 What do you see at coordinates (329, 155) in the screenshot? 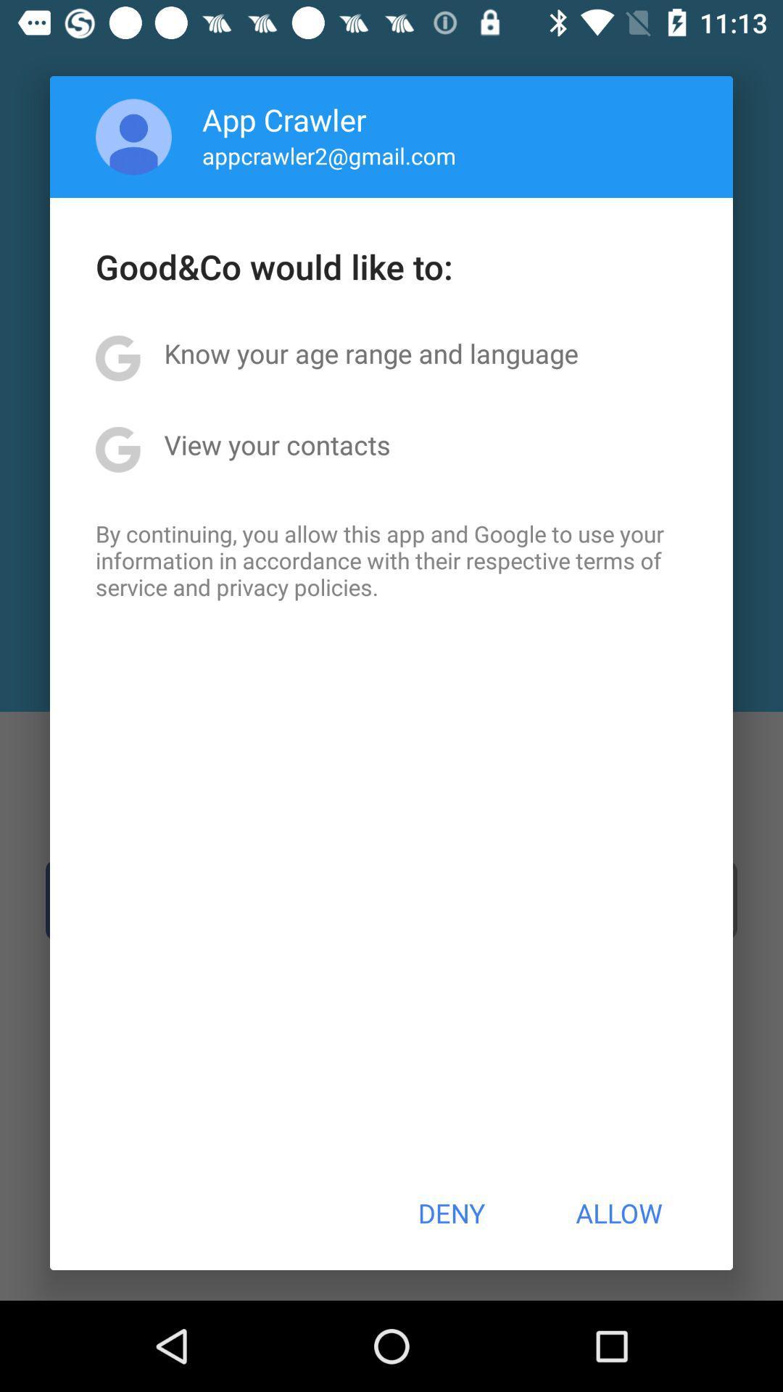
I see `app below the app crawler` at bounding box center [329, 155].